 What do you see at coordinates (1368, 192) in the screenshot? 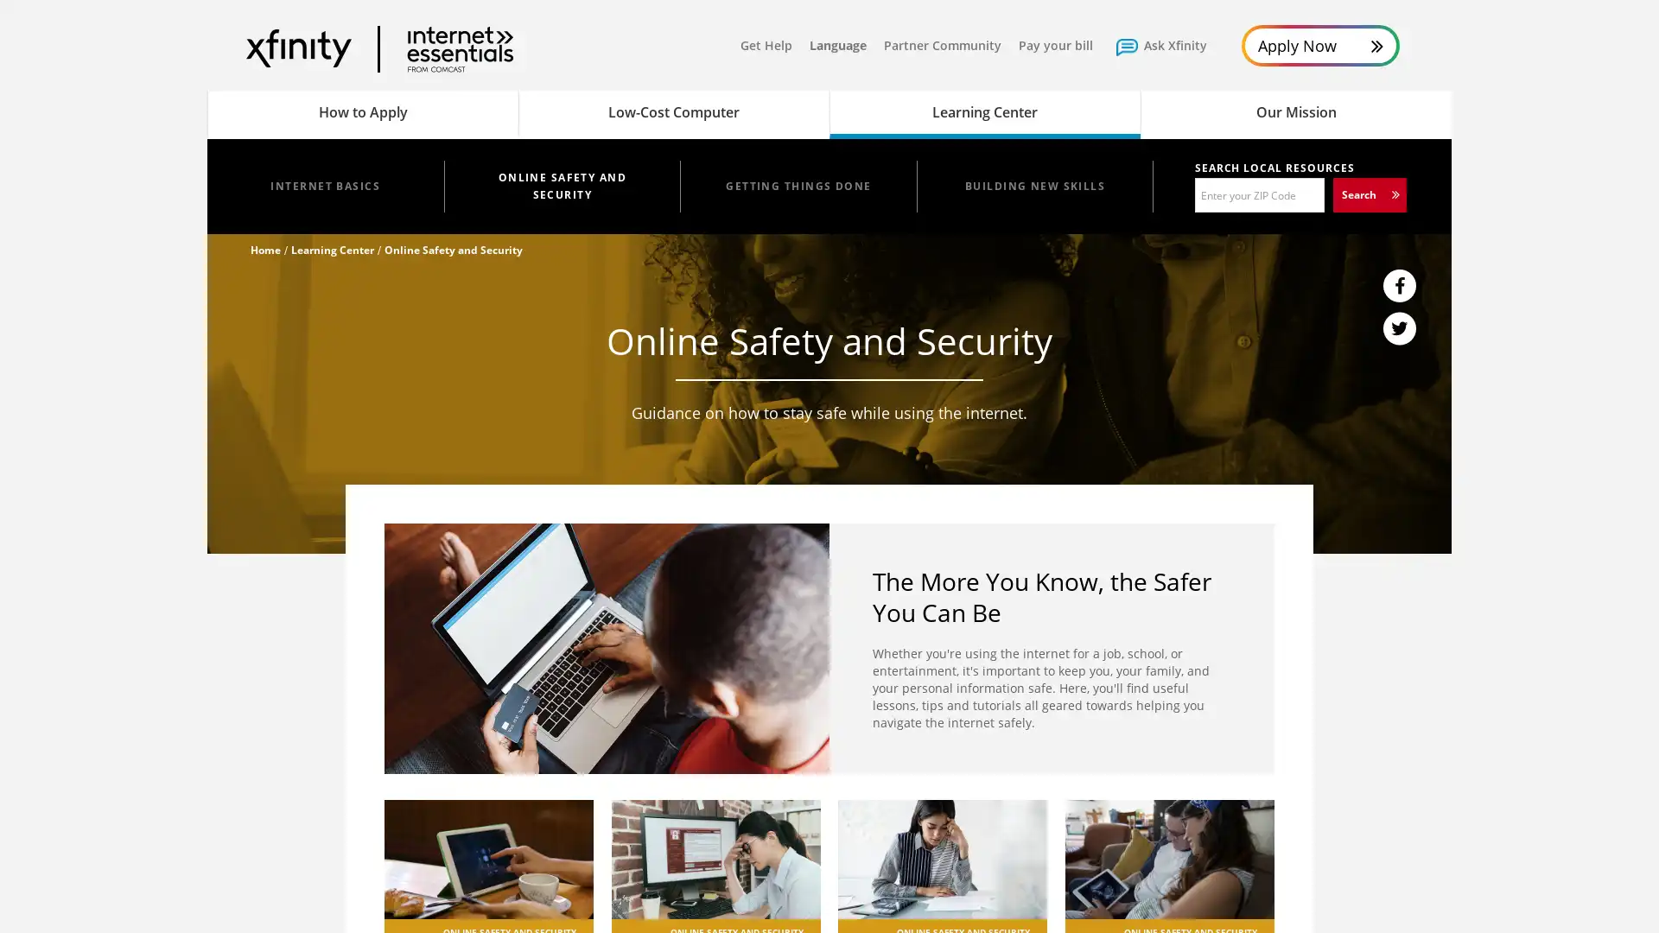
I see `Search` at bounding box center [1368, 192].